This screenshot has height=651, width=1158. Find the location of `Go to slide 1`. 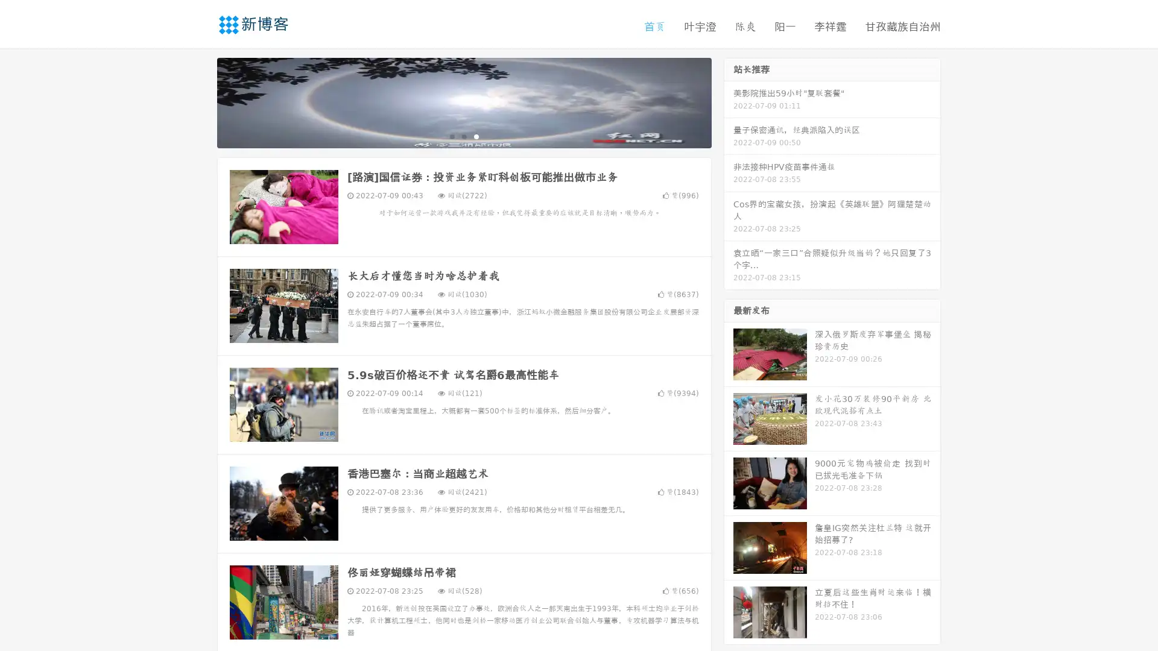

Go to slide 1 is located at coordinates (451, 136).